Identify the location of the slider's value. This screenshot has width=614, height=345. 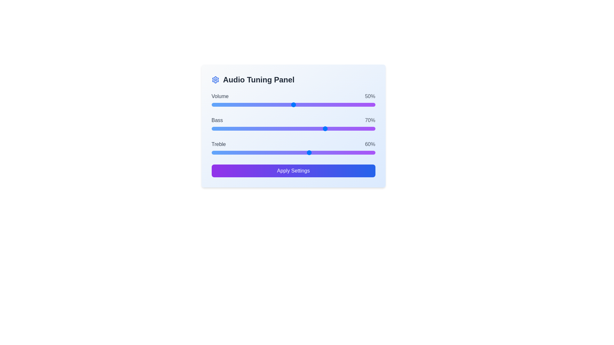
(342, 153).